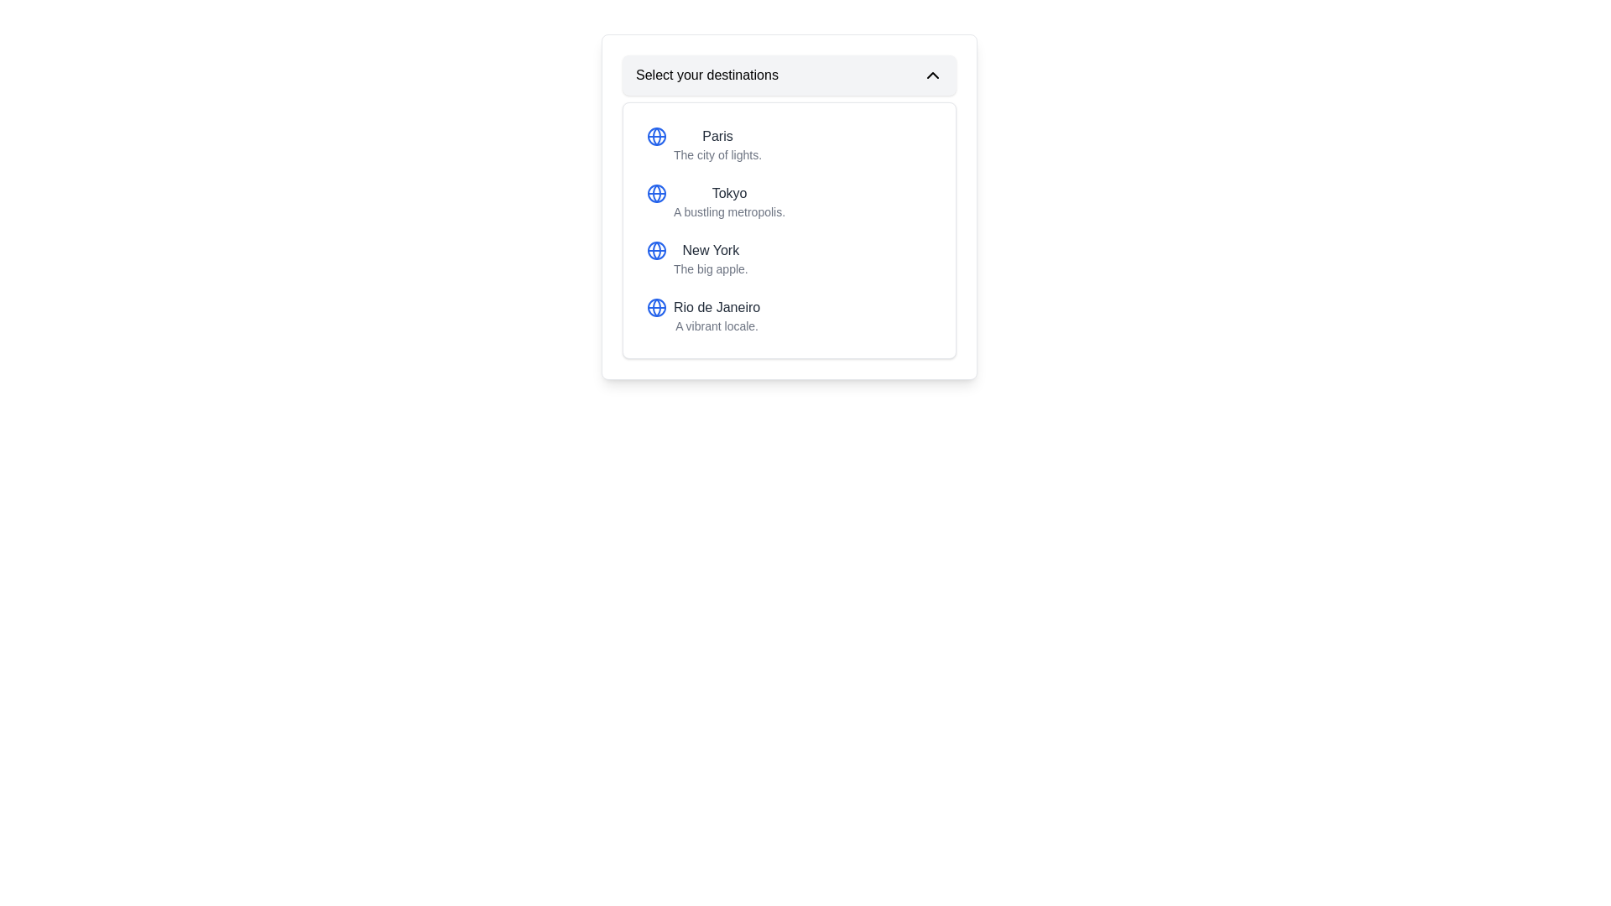 The image size is (1611, 906). Describe the element at coordinates (655, 193) in the screenshot. I see `the icon representing 'Tokyo' located at the beginning of the list item labeled 'Tokyo: A bustling metropolis.'` at that location.